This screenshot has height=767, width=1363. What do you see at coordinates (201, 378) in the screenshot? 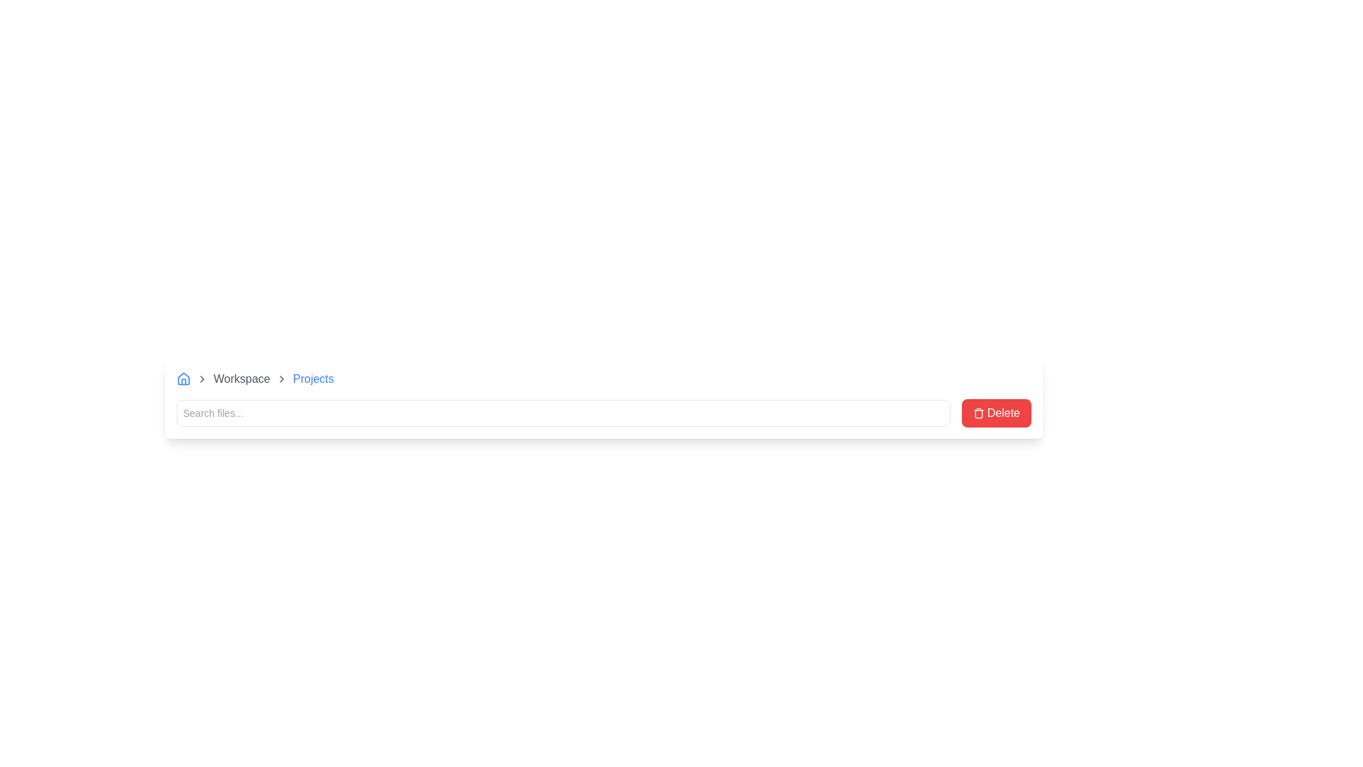
I see `the small right-pointing chevron icon in the breadcrumb navigation, which is located between the home icon and the text 'Workspace'` at bounding box center [201, 378].